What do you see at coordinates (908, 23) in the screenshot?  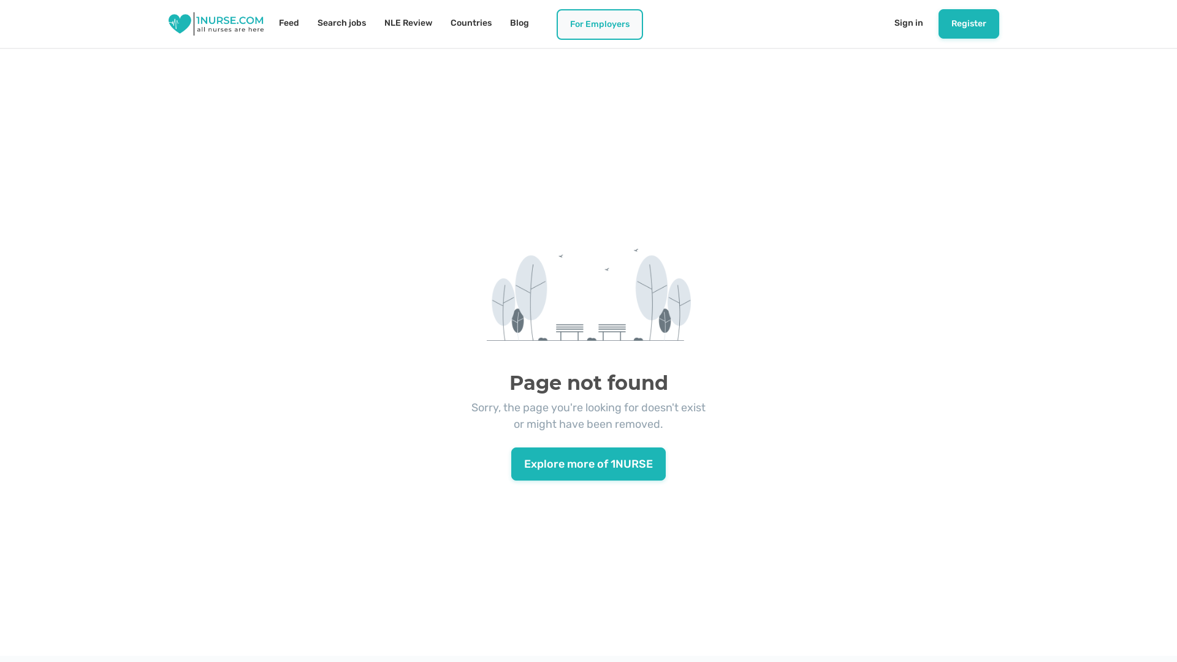 I see `'Sign in'` at bounding box center [908, 23].